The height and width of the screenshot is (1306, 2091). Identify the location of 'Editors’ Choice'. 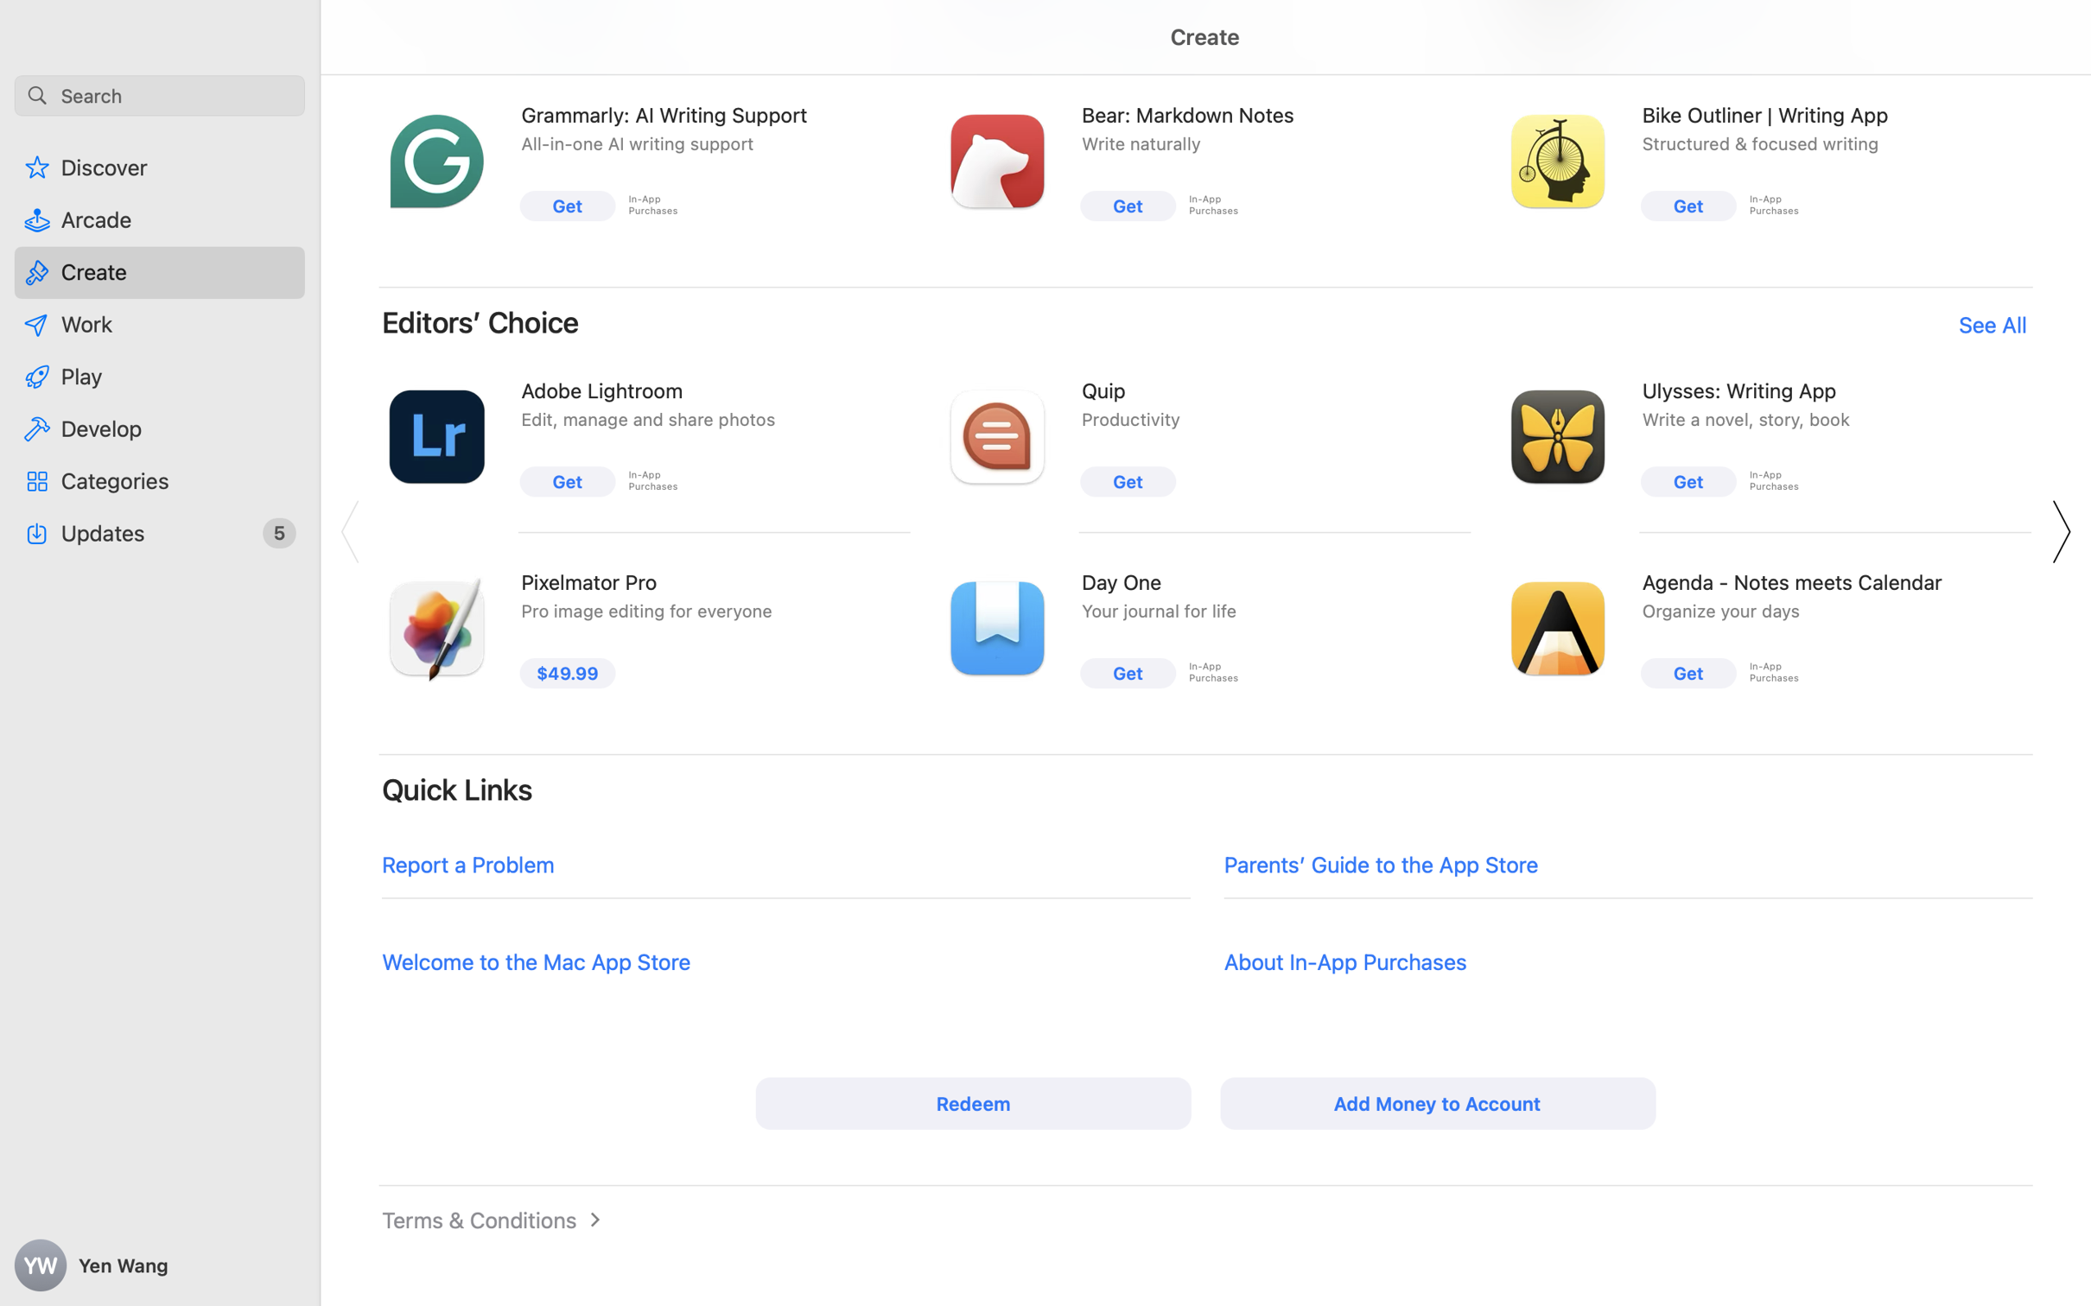
(480, 322).